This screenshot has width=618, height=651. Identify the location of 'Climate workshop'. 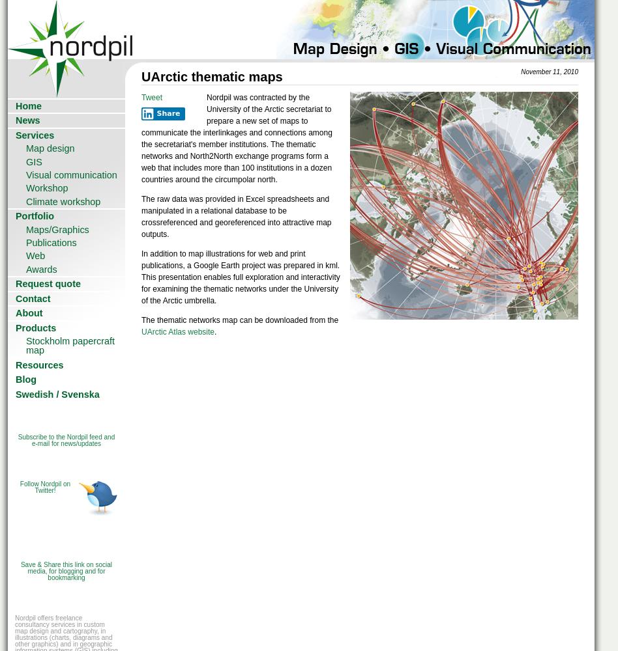
(63, 201).